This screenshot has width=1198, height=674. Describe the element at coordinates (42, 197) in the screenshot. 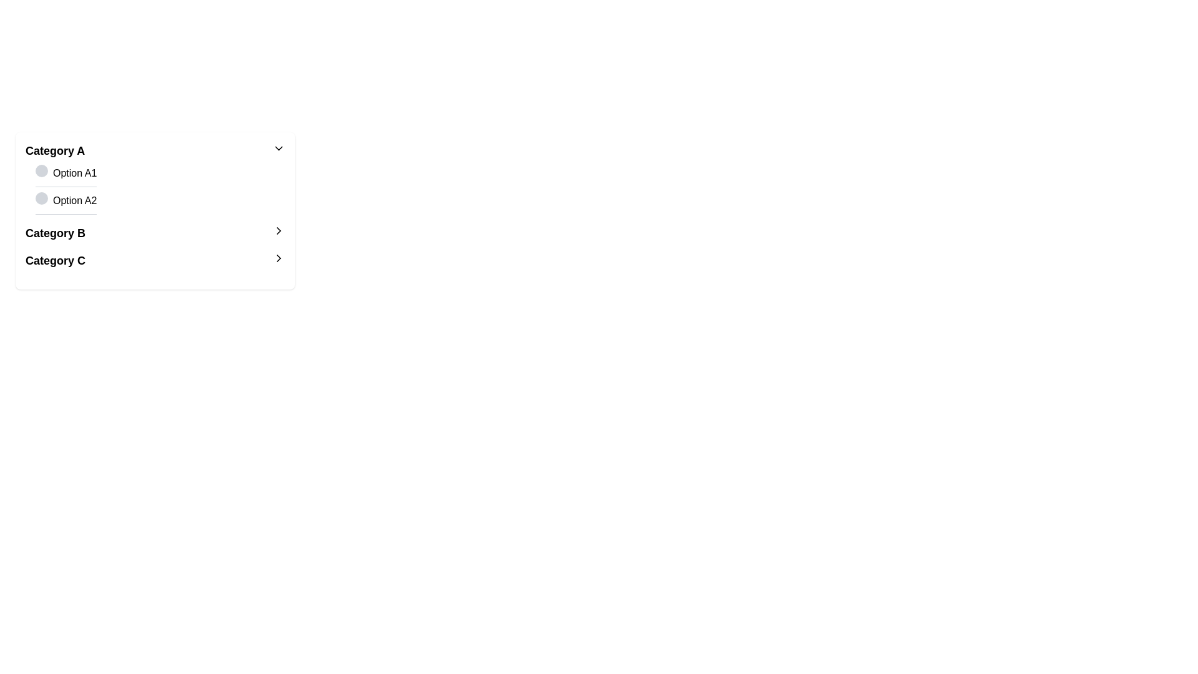

I see `the radio button indicator located under 'Category A' next to the text 'Option A2', which resembles a small circular shape with a gray background` at that location.